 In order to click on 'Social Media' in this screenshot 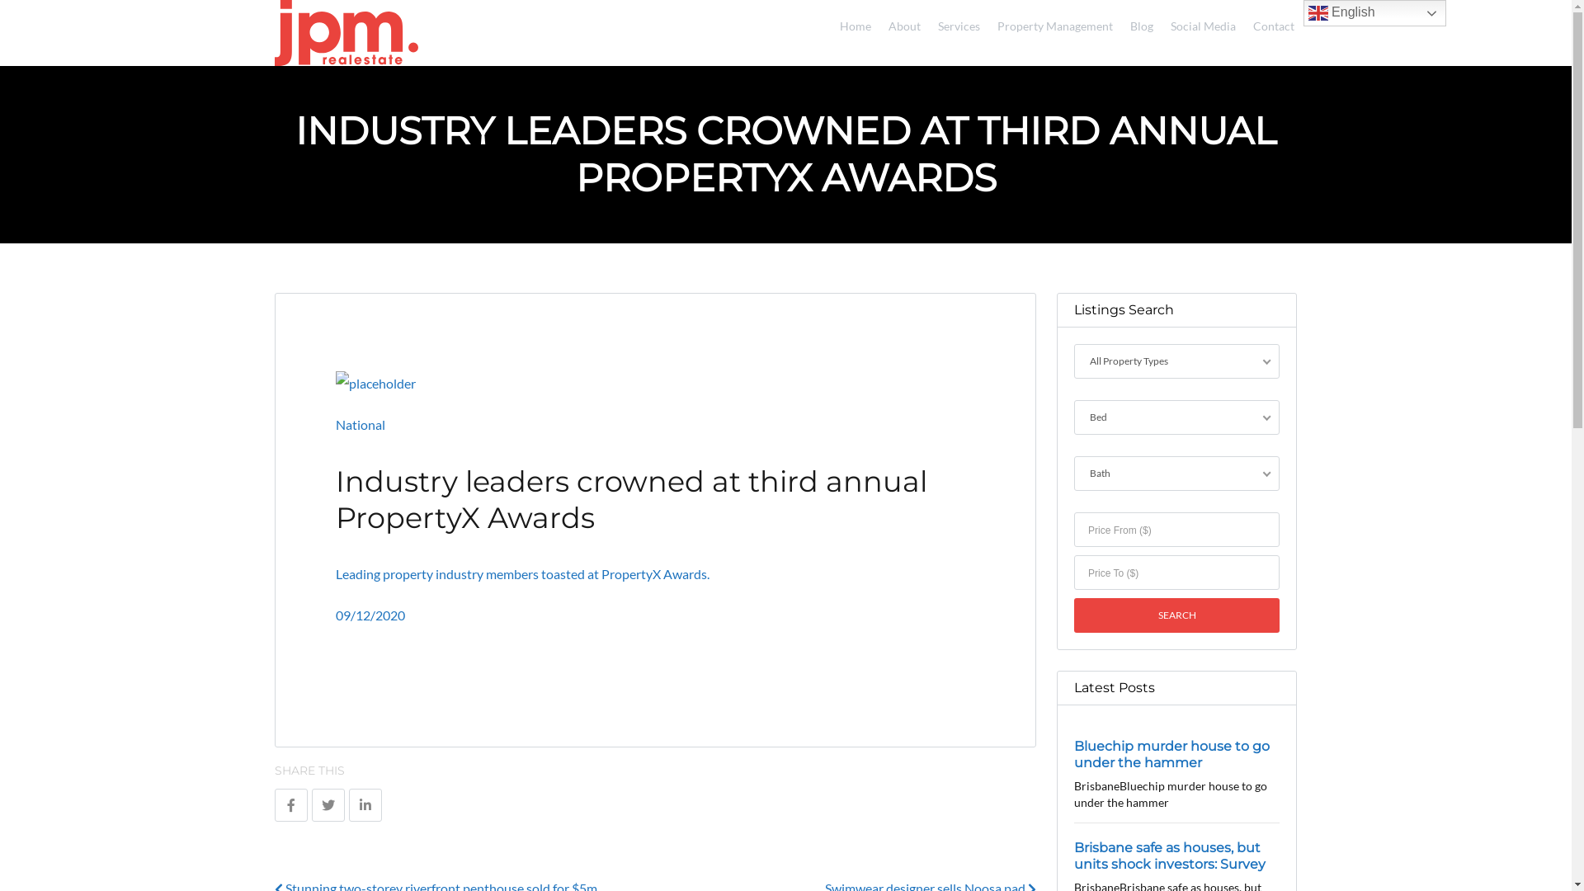, I will do `click(1198, 22)`.